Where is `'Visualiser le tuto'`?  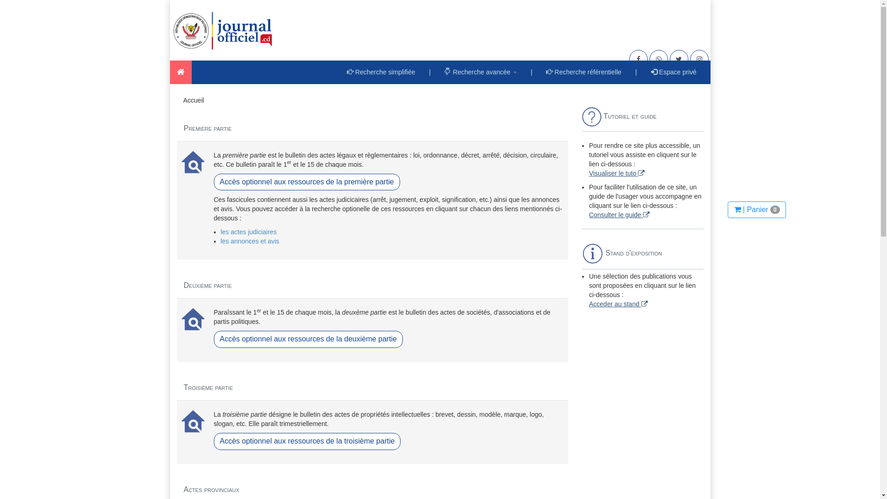 'Visualiser le tuto' is located at coordinates (616, 173).